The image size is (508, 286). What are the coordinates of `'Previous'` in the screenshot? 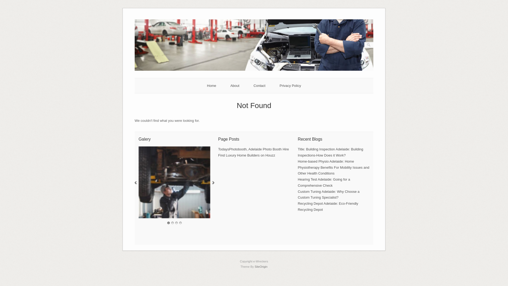 It's located at (135, 182).